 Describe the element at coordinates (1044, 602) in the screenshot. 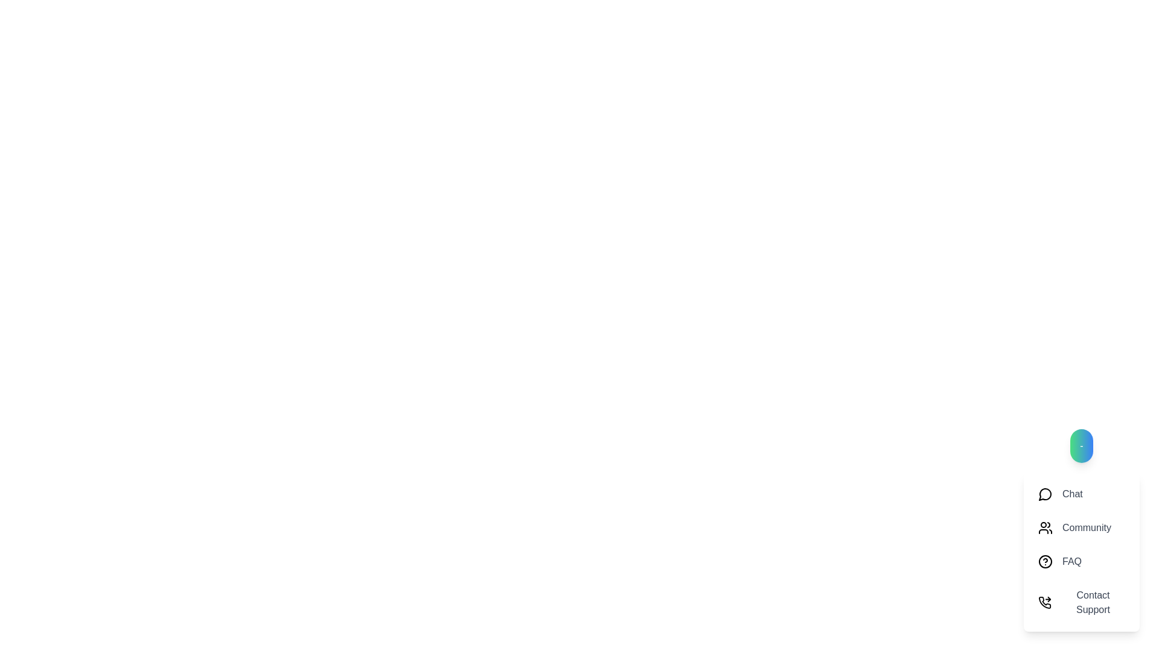

I see `the support contact icon located at the top-left corner of the 'Contact Support' option` at that location.